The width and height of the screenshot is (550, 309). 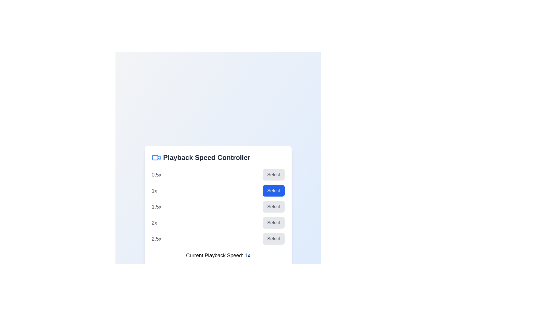 What do you see at coordinates (154, 191) in the screenshot?
I see `the text label displaying '1x' in a bold, gray-colored font, which is the leftmost component in the card interface under the 'Playback Speed Controller' heading` at bounding box center [154, 191].